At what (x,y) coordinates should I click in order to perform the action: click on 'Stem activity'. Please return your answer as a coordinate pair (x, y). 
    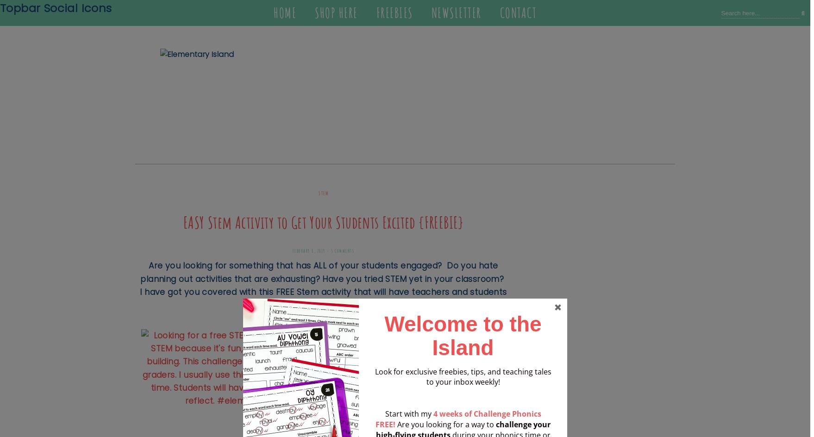
    Looking at the image, I should click on (323, 292).